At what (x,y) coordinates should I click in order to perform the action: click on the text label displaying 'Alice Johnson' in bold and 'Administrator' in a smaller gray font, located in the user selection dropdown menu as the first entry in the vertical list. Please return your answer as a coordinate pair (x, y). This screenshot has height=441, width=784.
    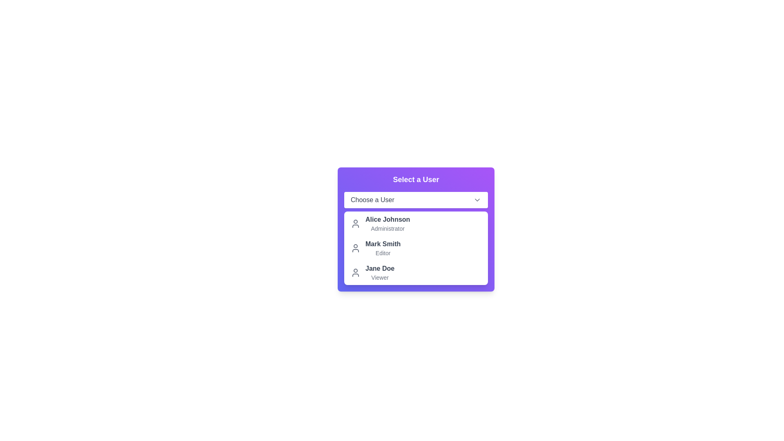
    Looking at the image, I should click on (387, 223).